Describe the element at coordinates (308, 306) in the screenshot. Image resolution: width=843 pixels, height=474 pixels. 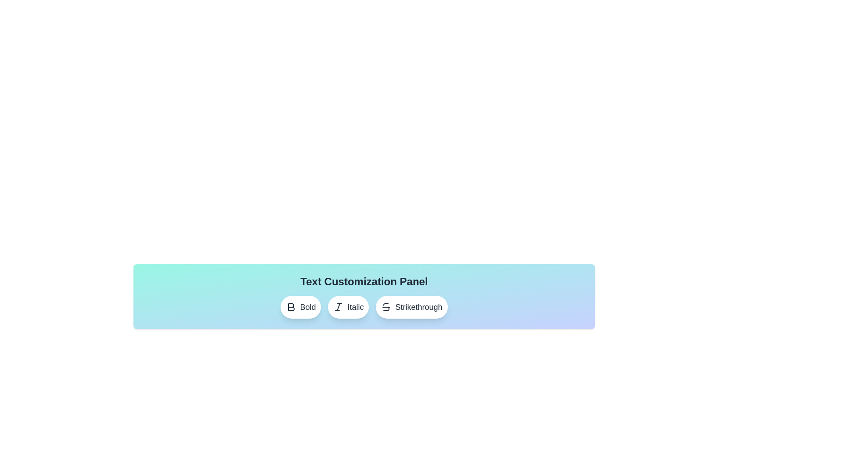
I see `the 'Bold' text label which is centrally positioned within its associated button in the text style control row` at that location.